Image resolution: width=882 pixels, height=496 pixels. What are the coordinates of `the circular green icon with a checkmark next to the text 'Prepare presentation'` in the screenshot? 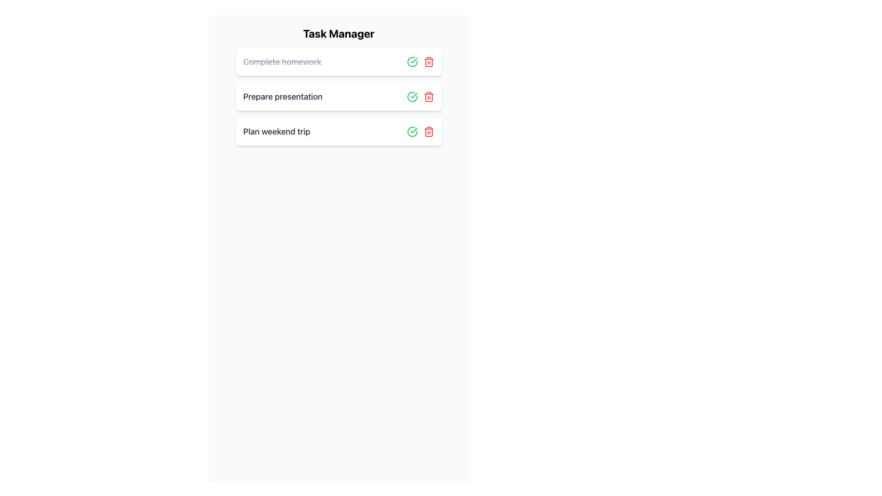 It's located at (412, 131).